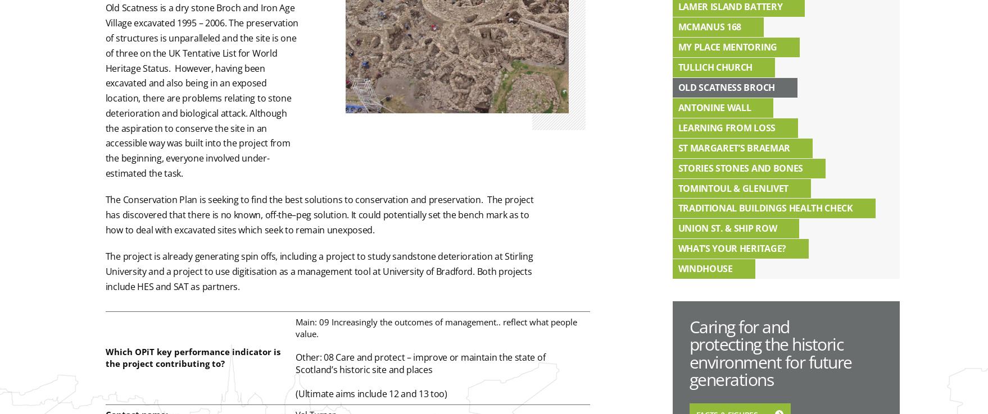  What do you see at coordinates (436, 327) in the screenshot?
I see `'Main: 09 Increasingly the outcomes of management.. reflect what people value.'` at bounding box center [436, 327].